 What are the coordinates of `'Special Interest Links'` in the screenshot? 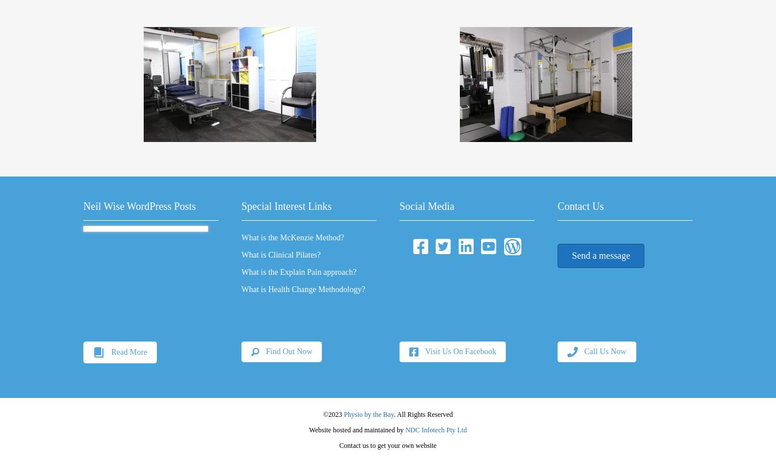 It's located at (286, 206).